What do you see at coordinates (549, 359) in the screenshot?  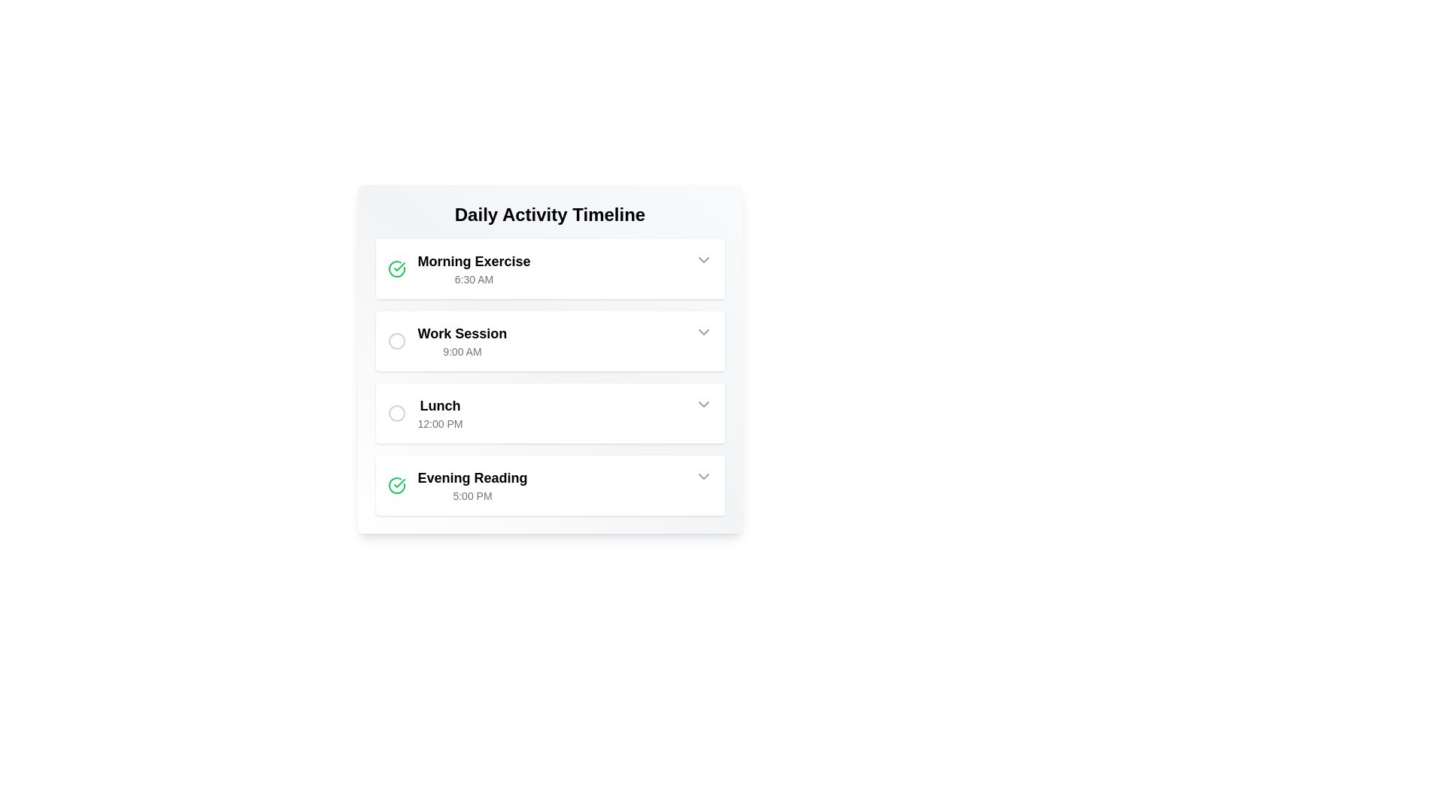 I see `the checkbox or circle` at bounding box center [549, 359].